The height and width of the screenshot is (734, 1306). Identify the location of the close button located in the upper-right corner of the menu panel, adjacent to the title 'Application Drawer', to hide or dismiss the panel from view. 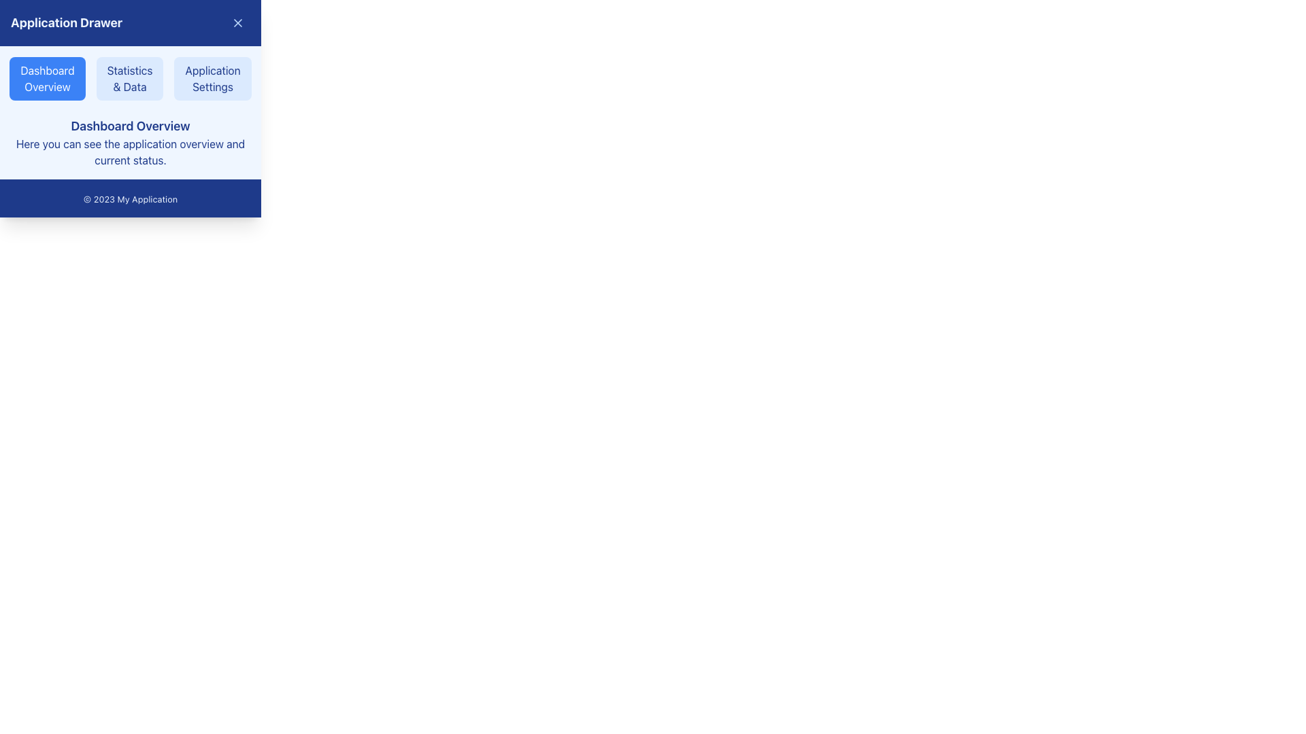
(238, 23).